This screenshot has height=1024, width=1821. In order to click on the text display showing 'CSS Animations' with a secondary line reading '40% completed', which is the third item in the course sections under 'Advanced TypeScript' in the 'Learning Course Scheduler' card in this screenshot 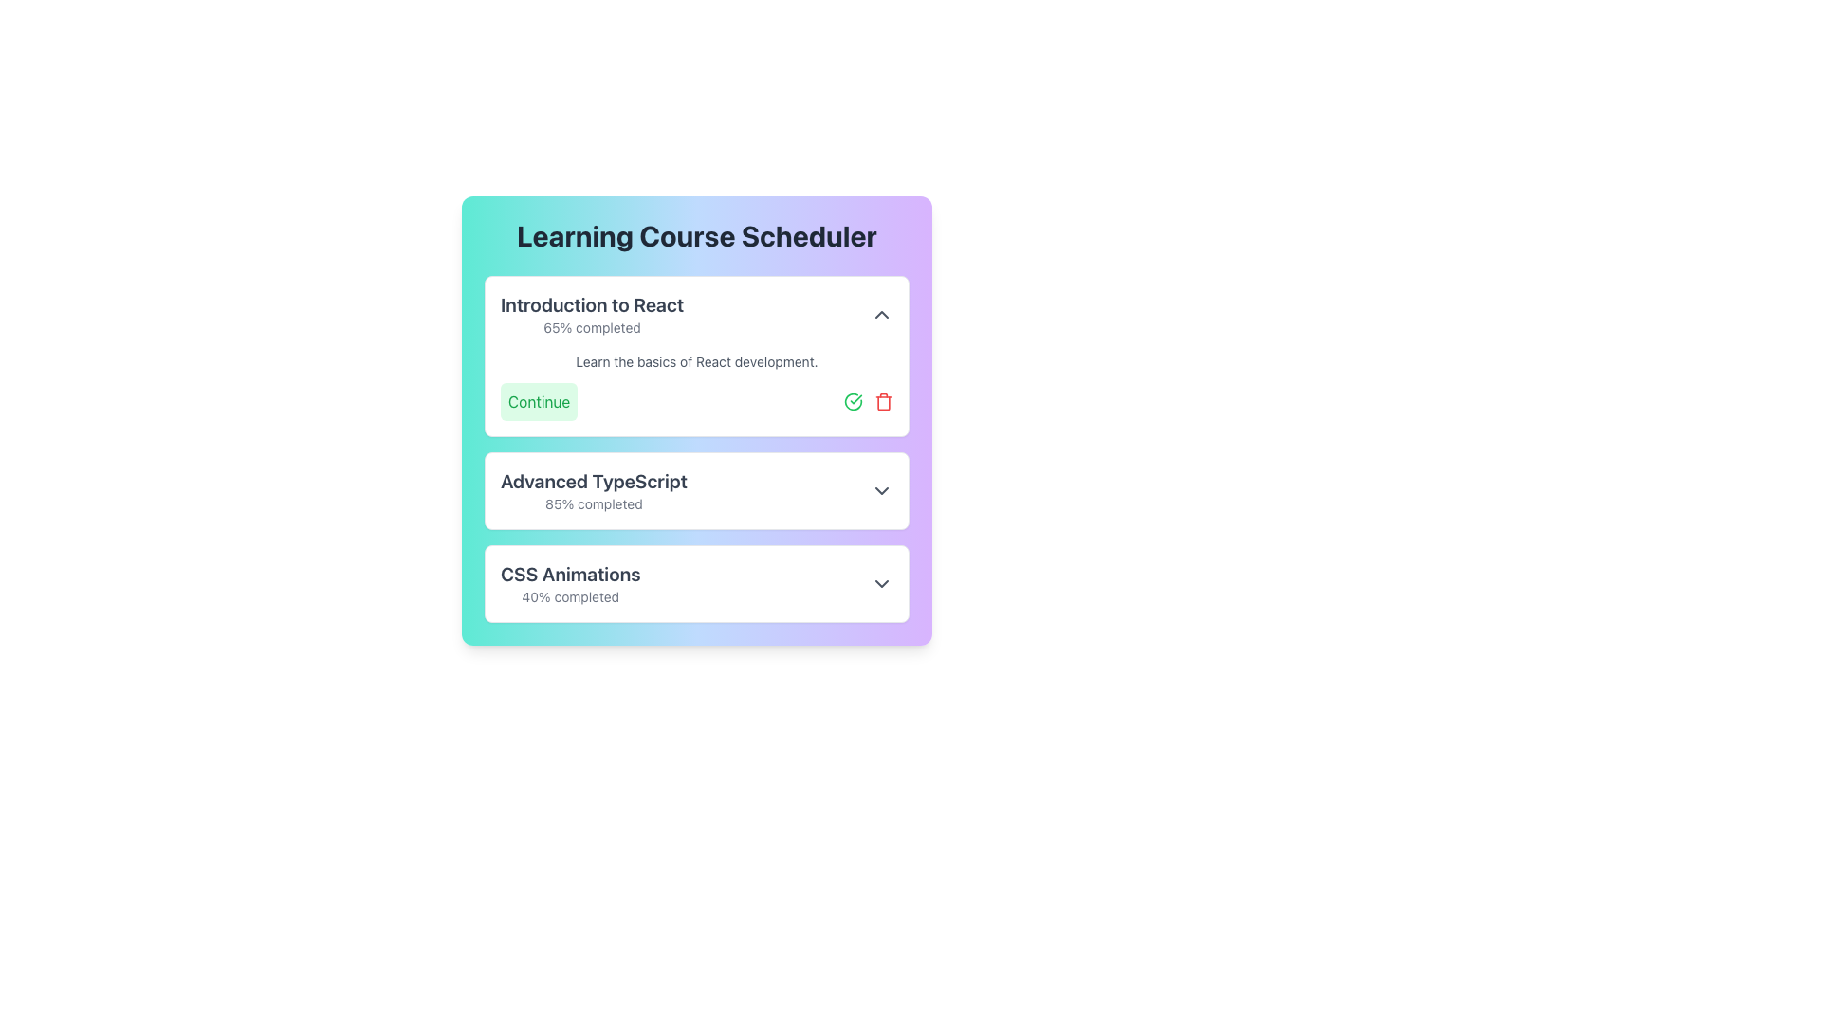, I will do `click(569, 583)`.